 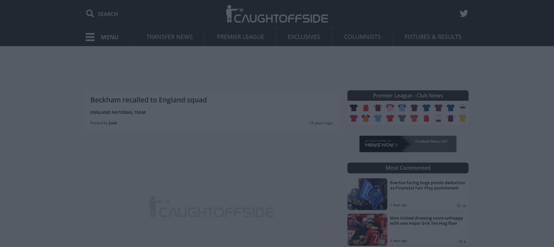 I want to click on 'Premier League', so click(x=240, y=36).